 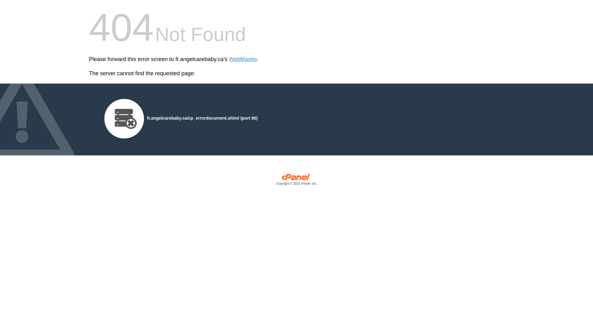 I want to click on 'WebMaster', so click(x=242, y=59).